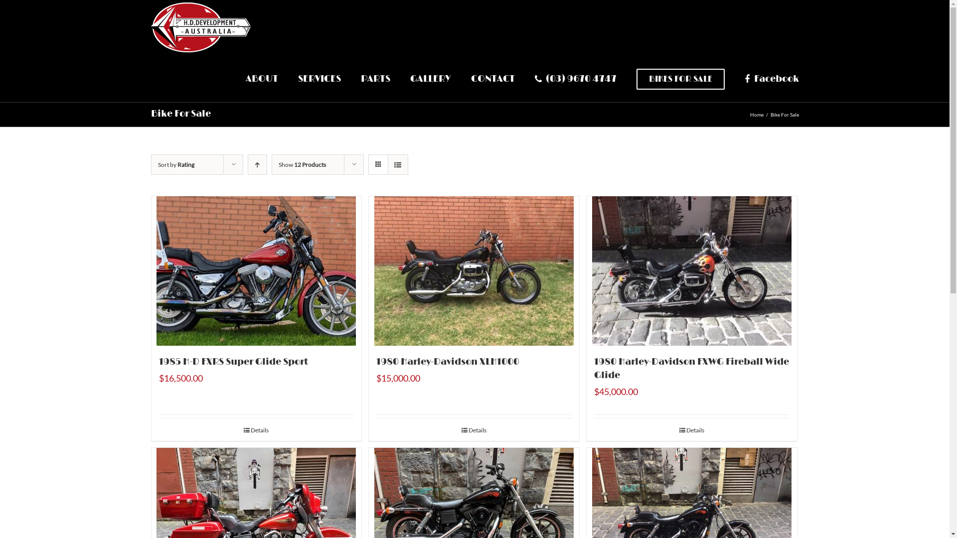 This screenshot has width=957, height=538. Describe the element at coordinates (680, 78) in the screenshot. I see `'BIKES FOR SALE'` at that location.